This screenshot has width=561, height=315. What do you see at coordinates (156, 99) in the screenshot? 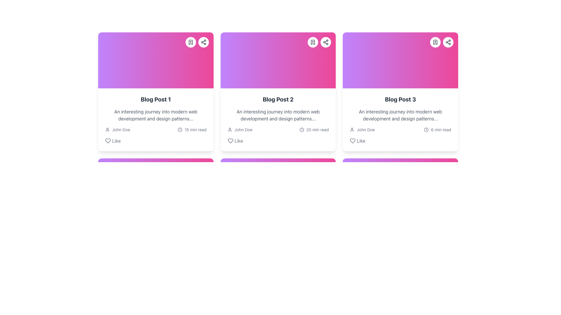
I see `the text block that serves as the headline or title for the blog post, located at the top of the card layout` at bounding box center [156, 99].